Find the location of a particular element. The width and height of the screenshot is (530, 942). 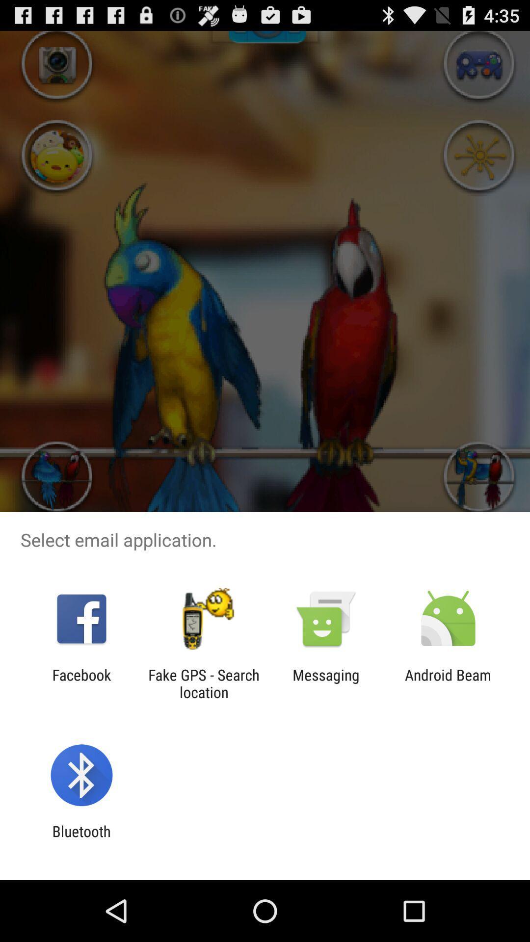

messaging item is located at coordinates (326, 683).